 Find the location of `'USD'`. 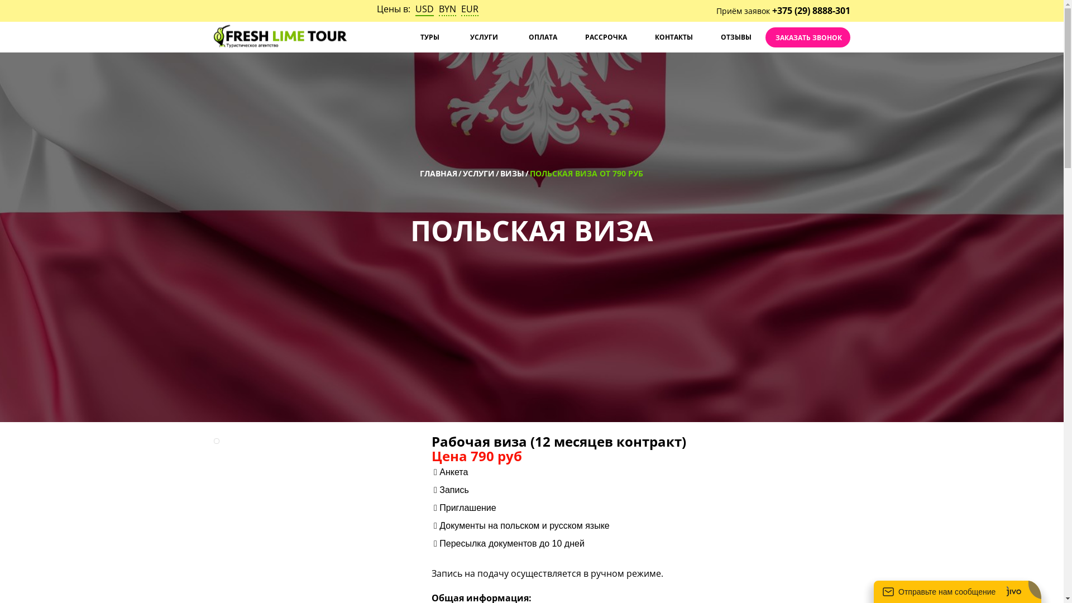

'USD' is located at coordinates (424, 9).